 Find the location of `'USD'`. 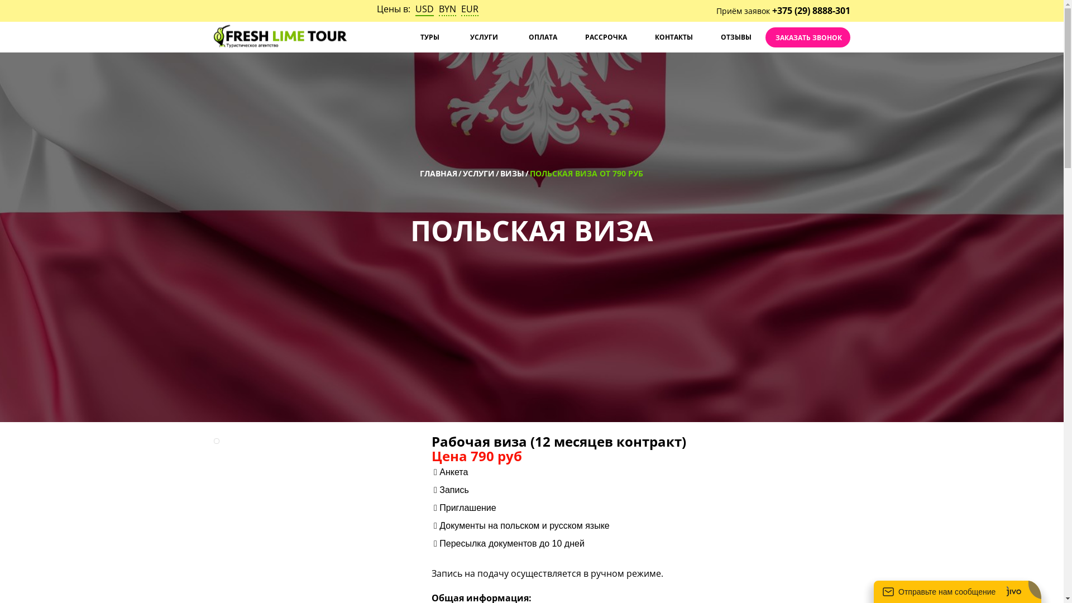

'USD' is located at coordinates (424, 9).